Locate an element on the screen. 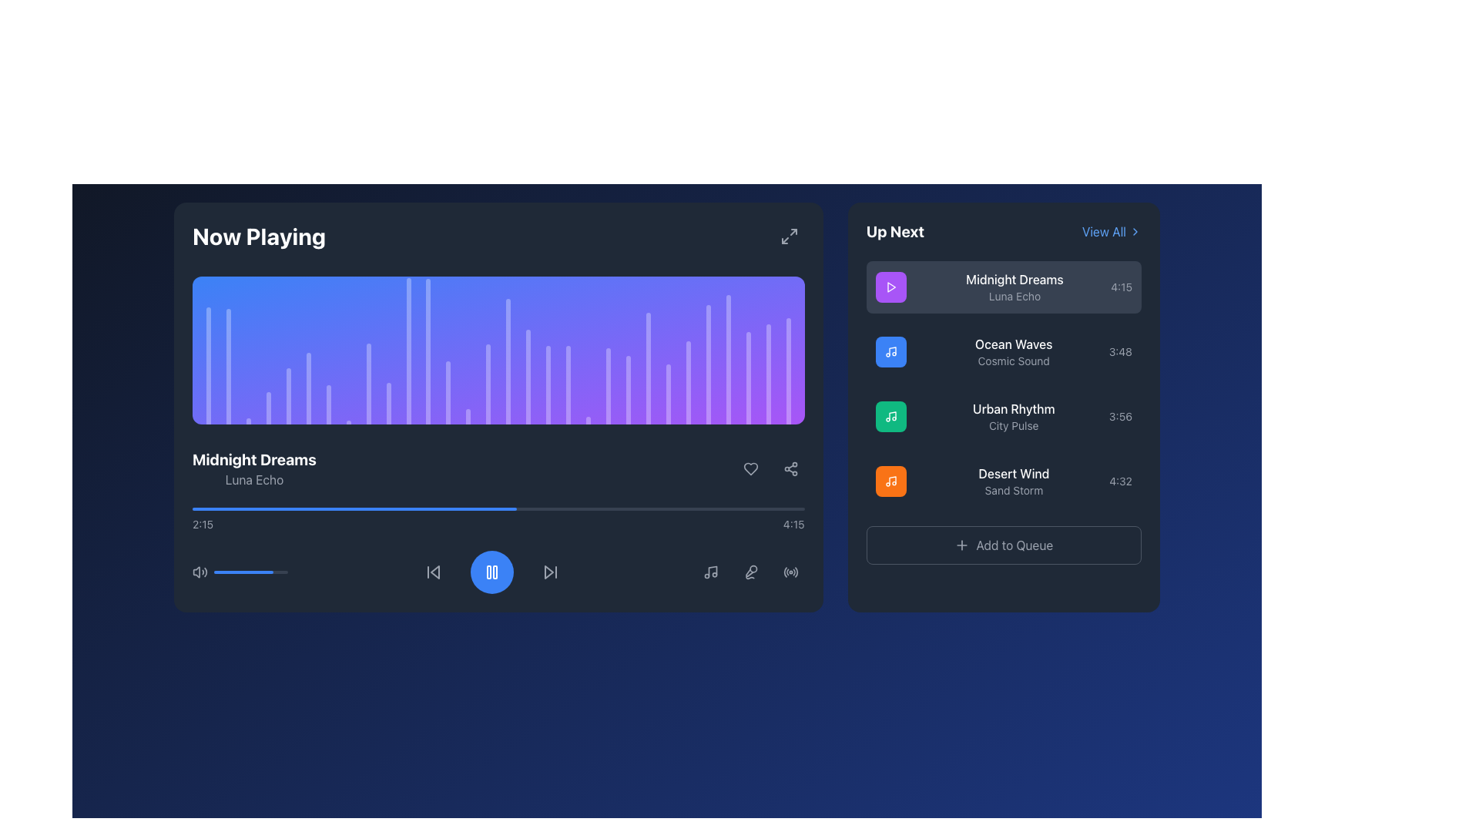 The image size is (1479, 832). the slider is located at coordinates (220, 572).